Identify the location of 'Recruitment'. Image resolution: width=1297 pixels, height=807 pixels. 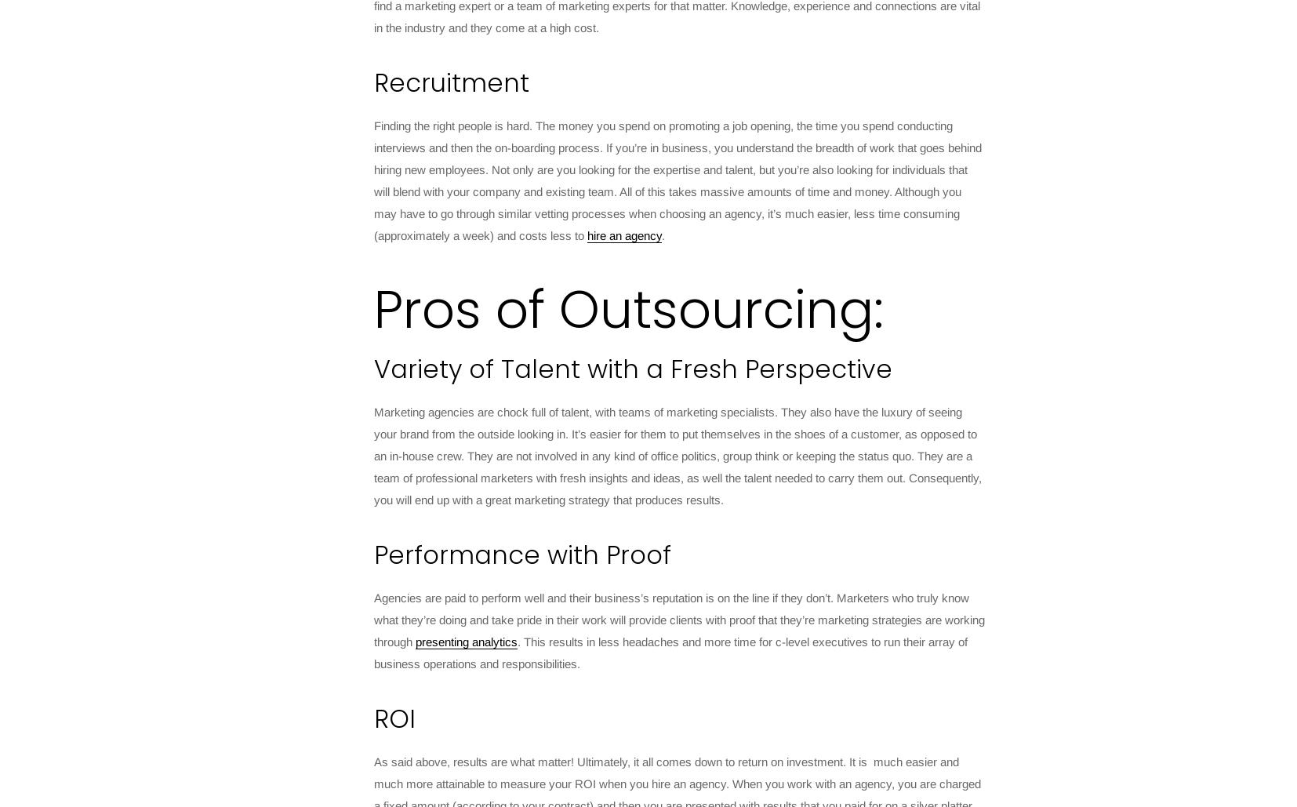
(451, 82).